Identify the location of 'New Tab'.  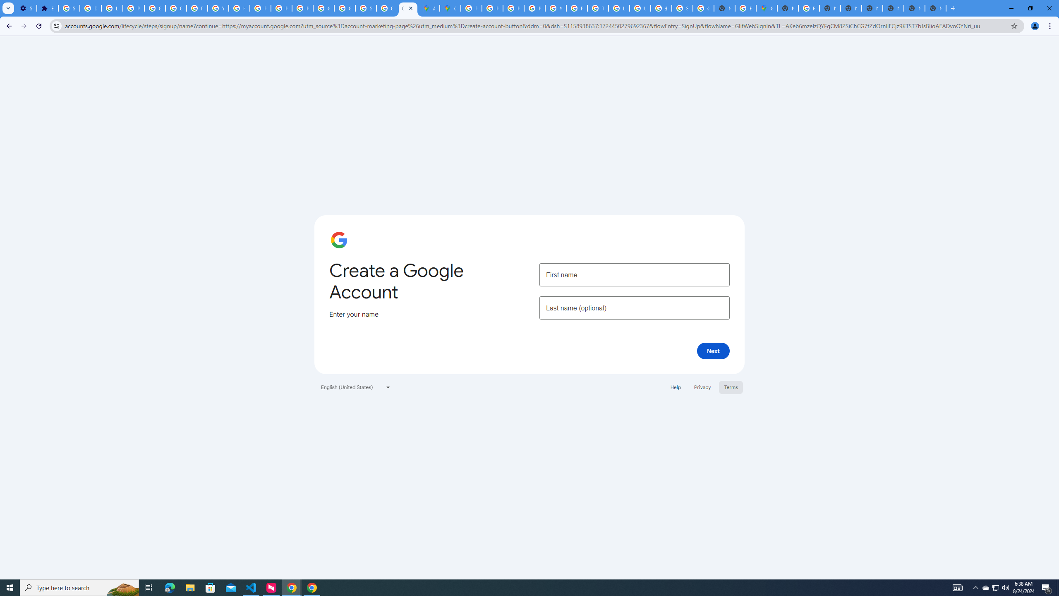
(953, 8).